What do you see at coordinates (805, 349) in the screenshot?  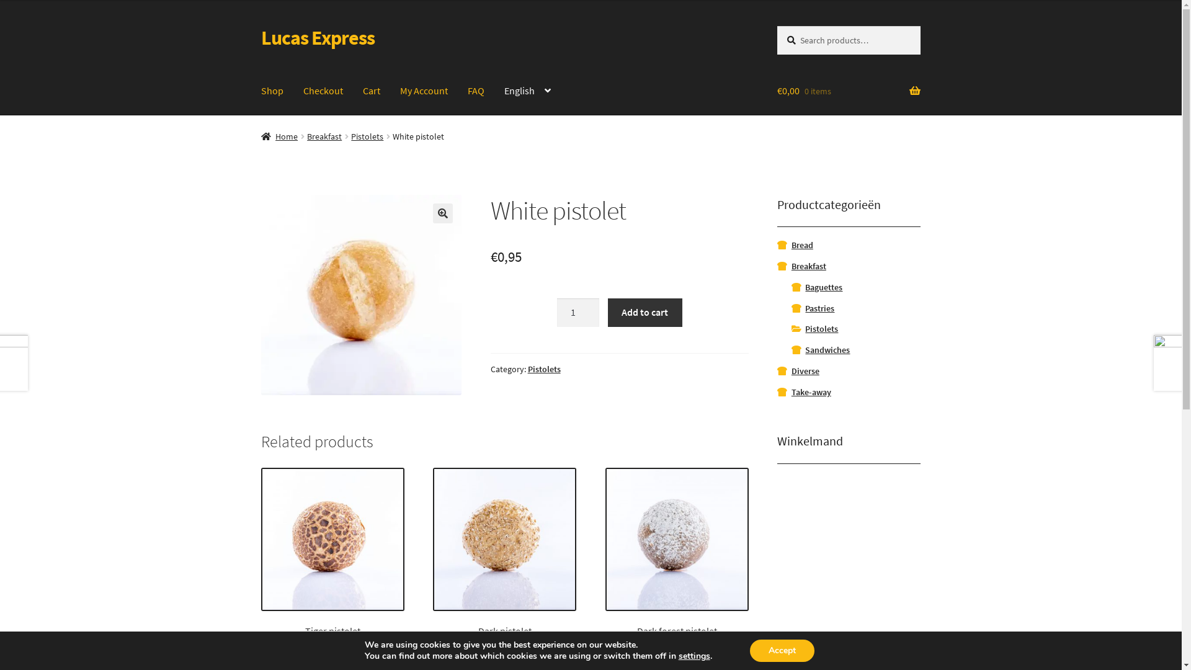 I see `'Sandwiches'` at bounding box center [805, 349].